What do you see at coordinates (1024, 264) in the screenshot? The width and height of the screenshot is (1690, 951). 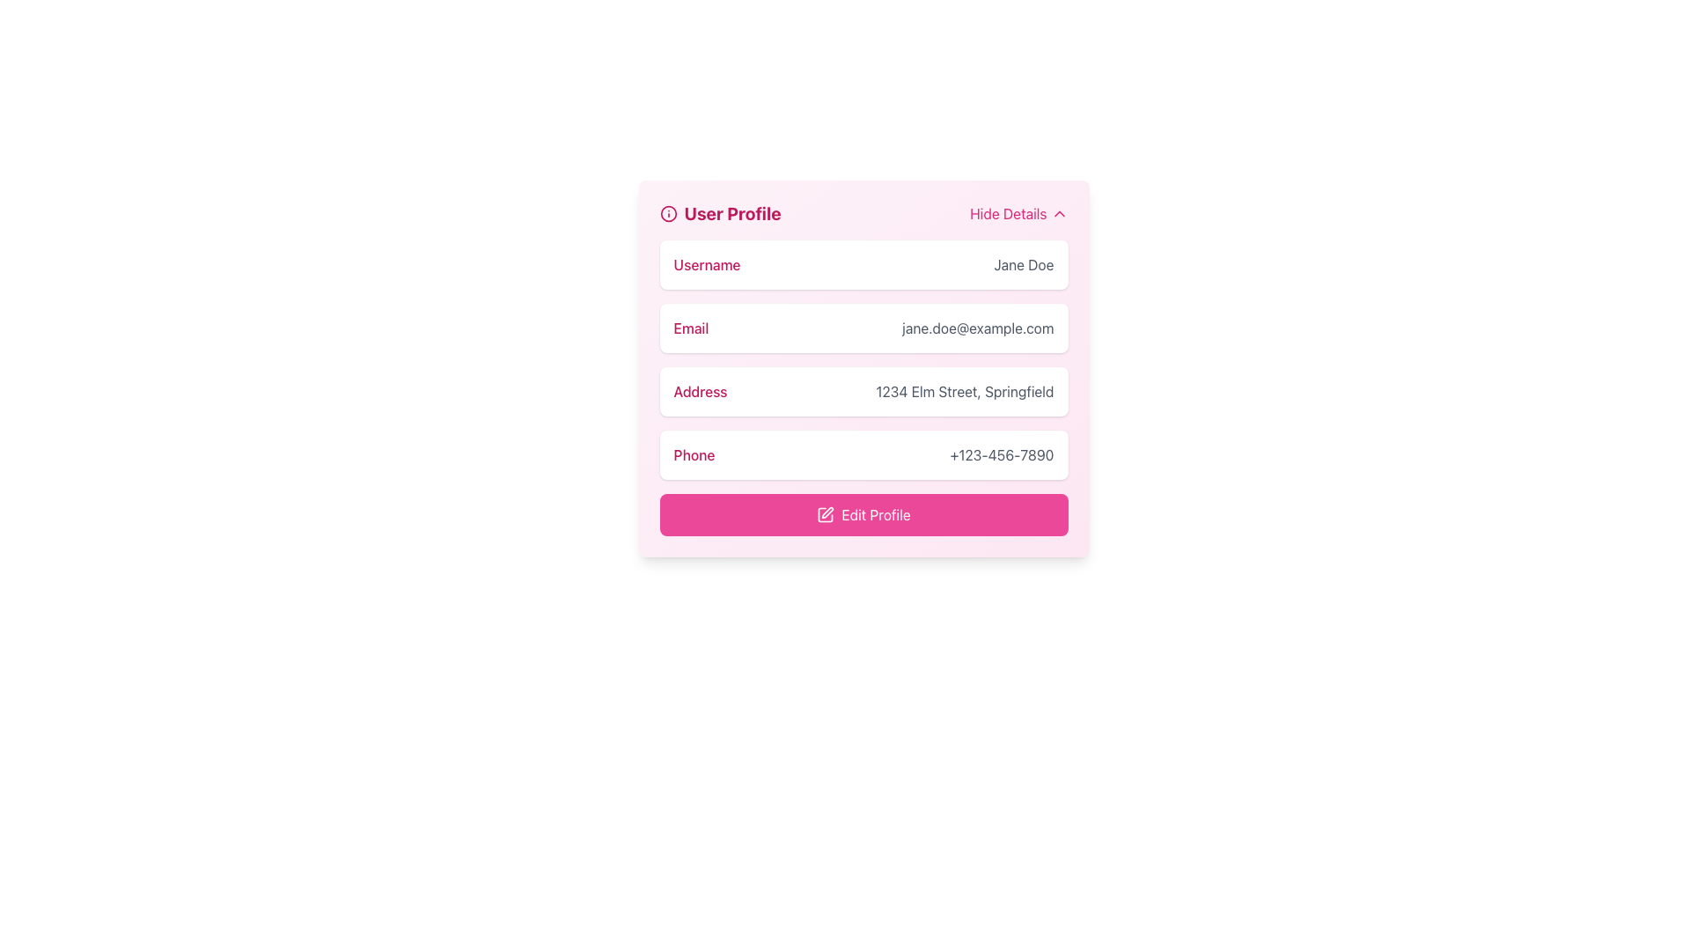 I see `the username display field that shows 'Jane Doe', located to the right of the 'Username' label in the user profile card` at bounding box center [1024, 264].